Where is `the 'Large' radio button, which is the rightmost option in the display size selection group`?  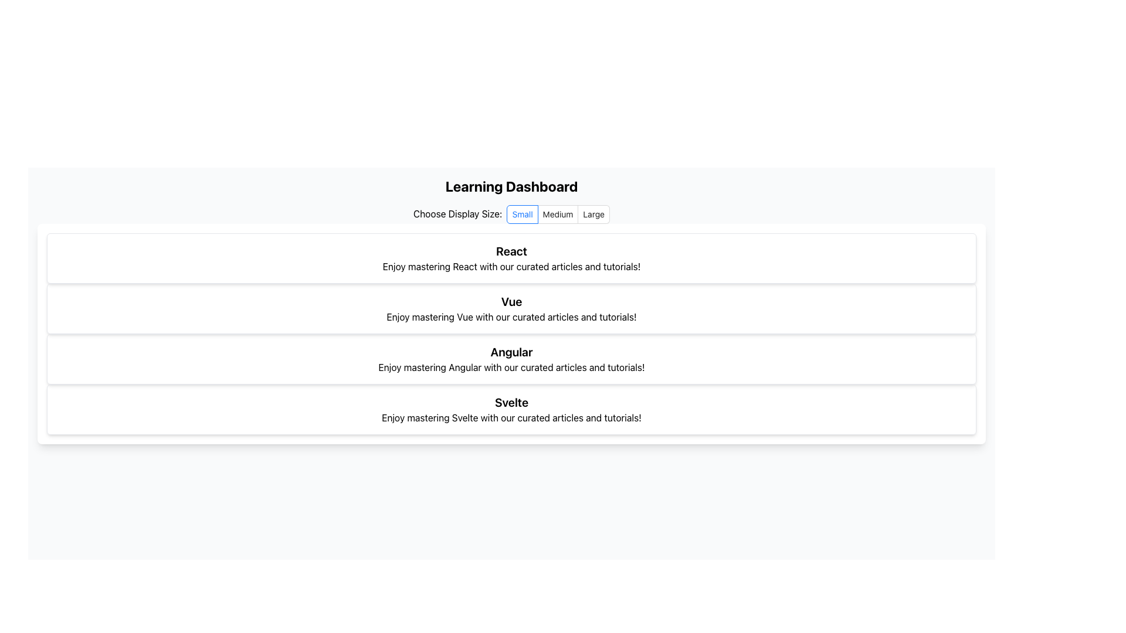
the 'Large' radio button, which is the rightmost option in the display size selection group is located at coordinates (593, 215).